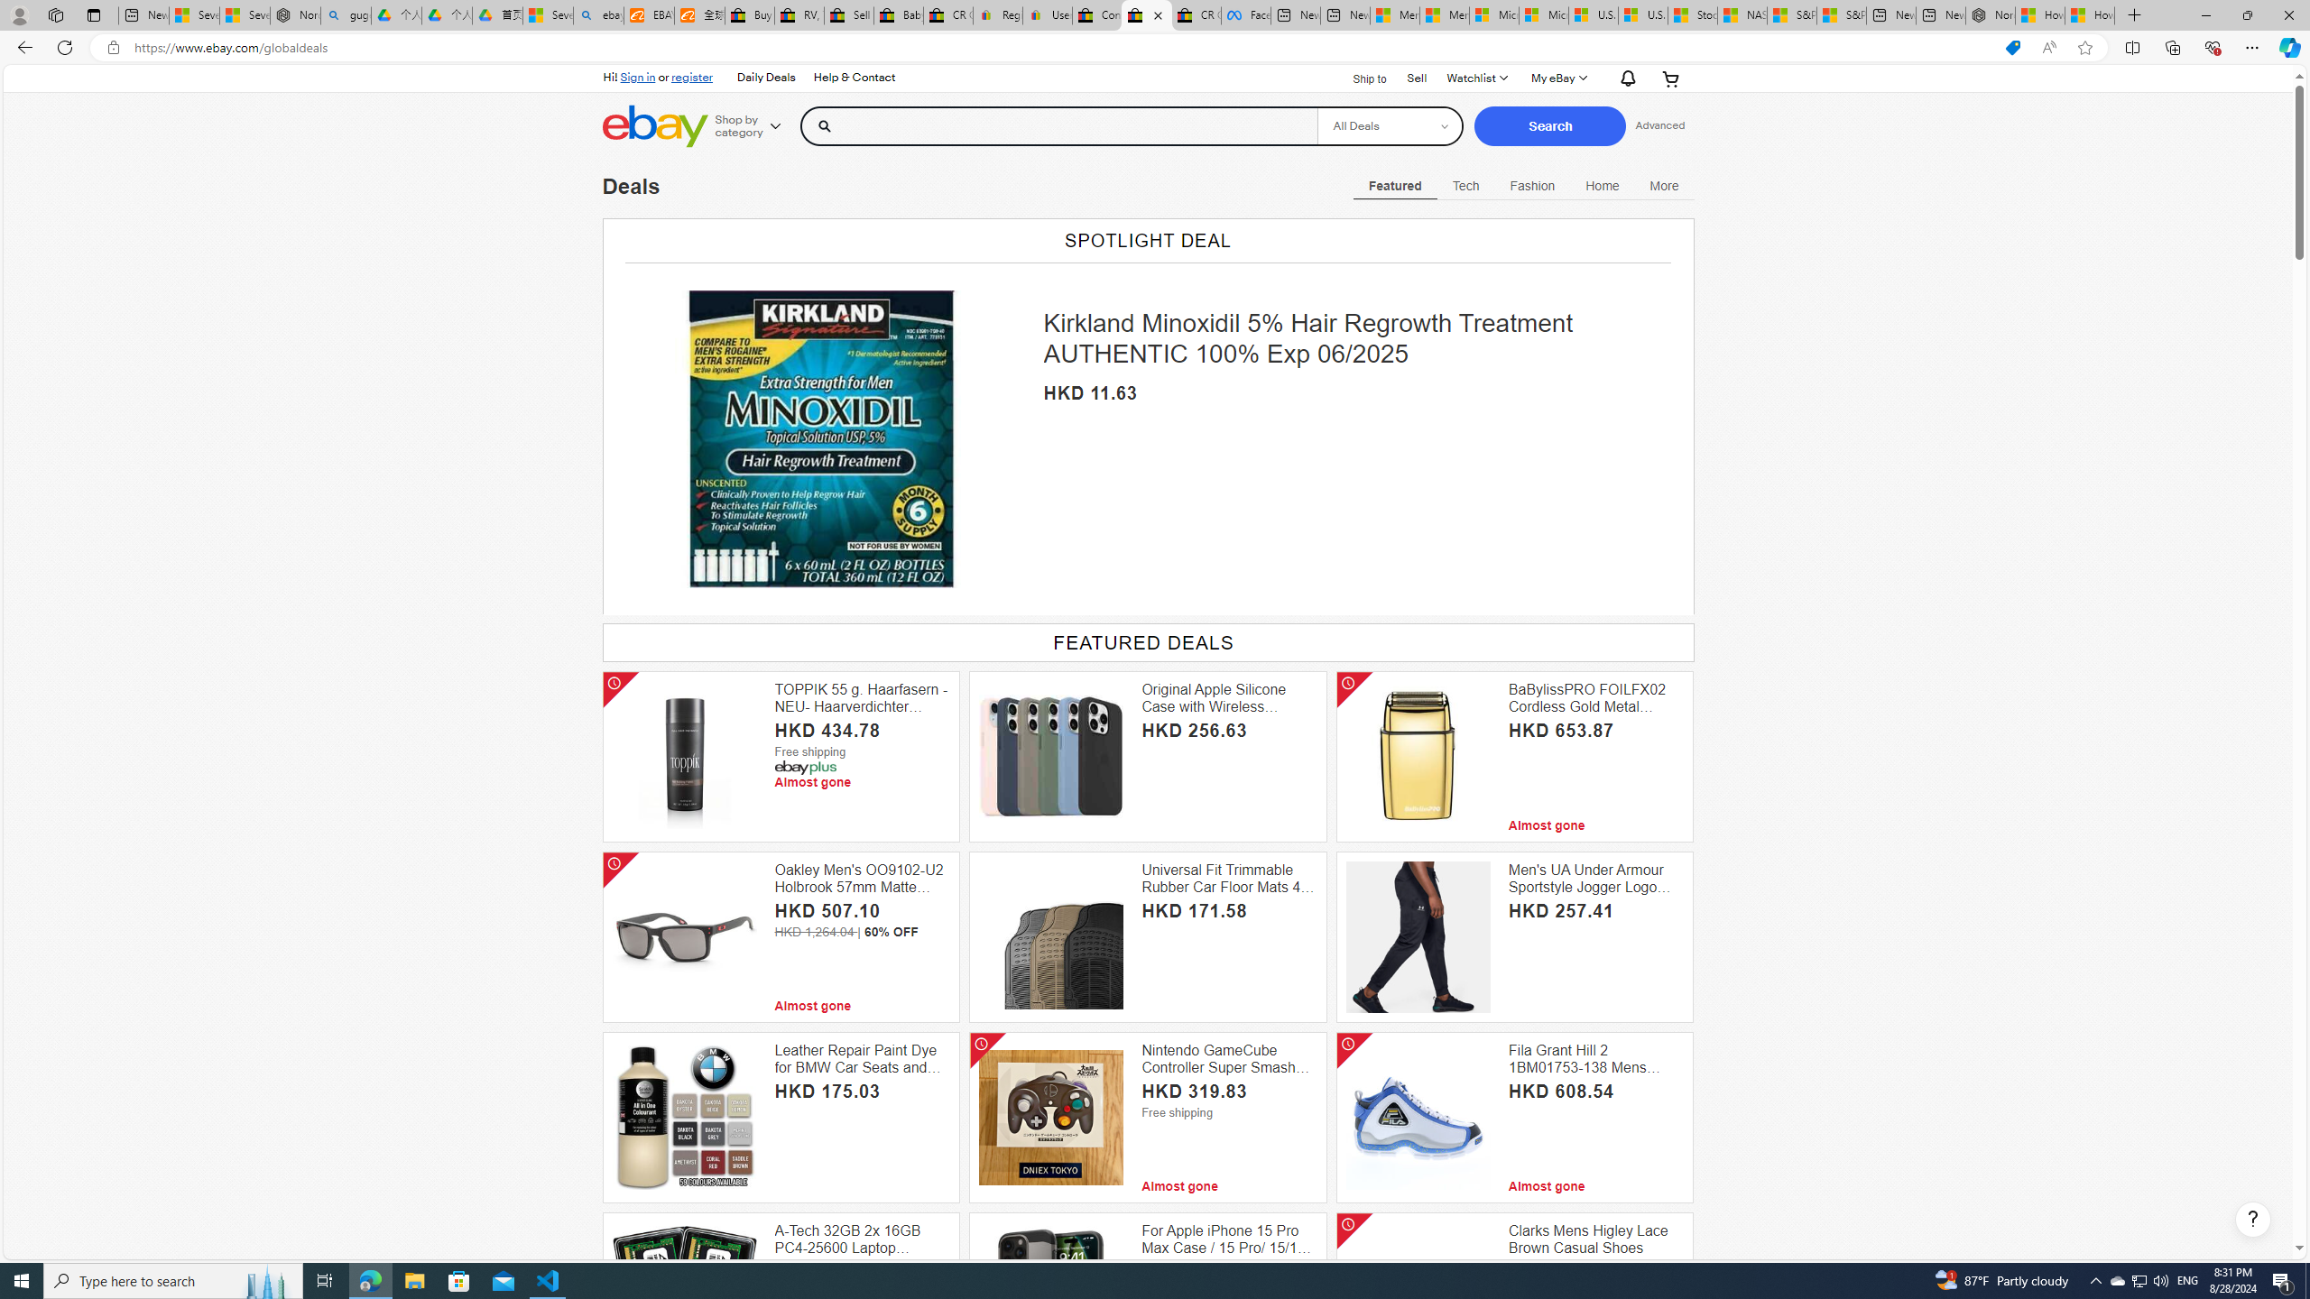  Describe the element at coordinates (1595, 1239) in the screenshot. I see `'Clarks Mens Higley Lace Brown Casual Shoes'` at that location.